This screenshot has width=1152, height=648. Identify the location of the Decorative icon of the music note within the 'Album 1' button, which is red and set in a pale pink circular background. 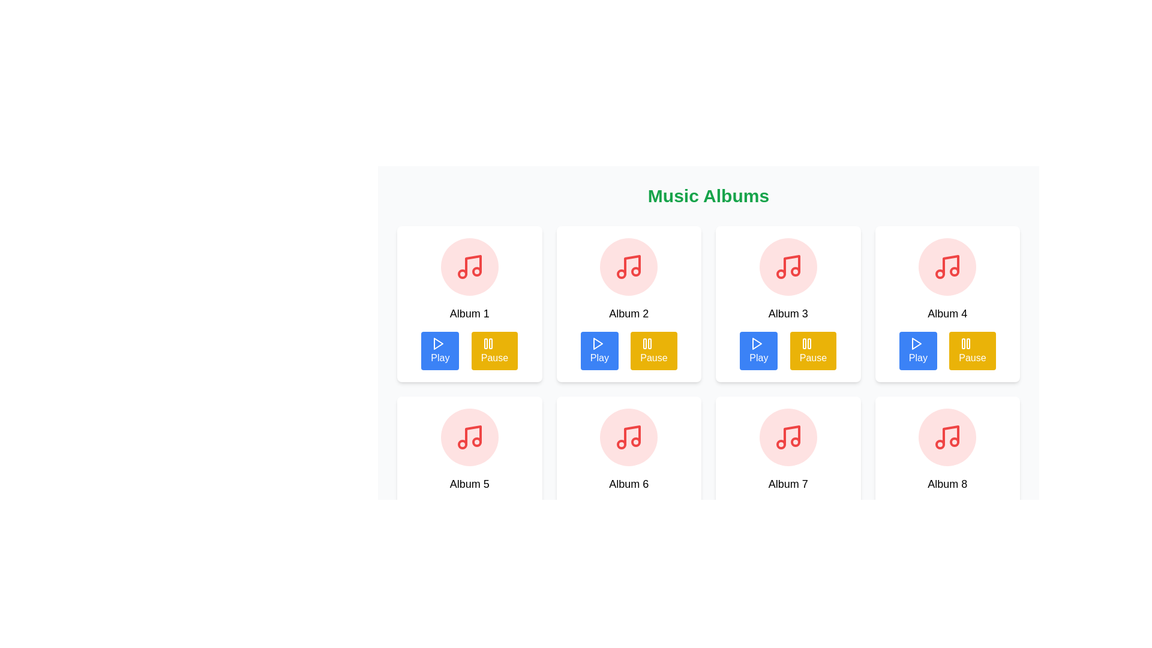
(472, 265).